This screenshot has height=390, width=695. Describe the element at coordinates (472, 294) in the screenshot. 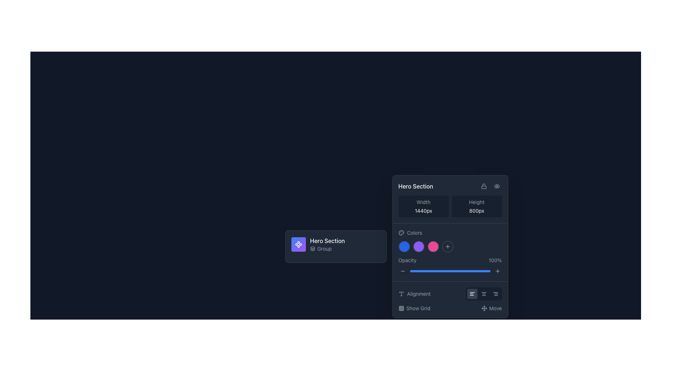

I see `the left alignment button in the Alignment section of the Hero Section settings panel to set the alignment to left` at that location.